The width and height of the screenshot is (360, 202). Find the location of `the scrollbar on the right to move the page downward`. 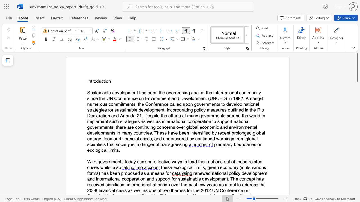

the scrollbar on the right to move the page downward is located at coordinates (357, 143).